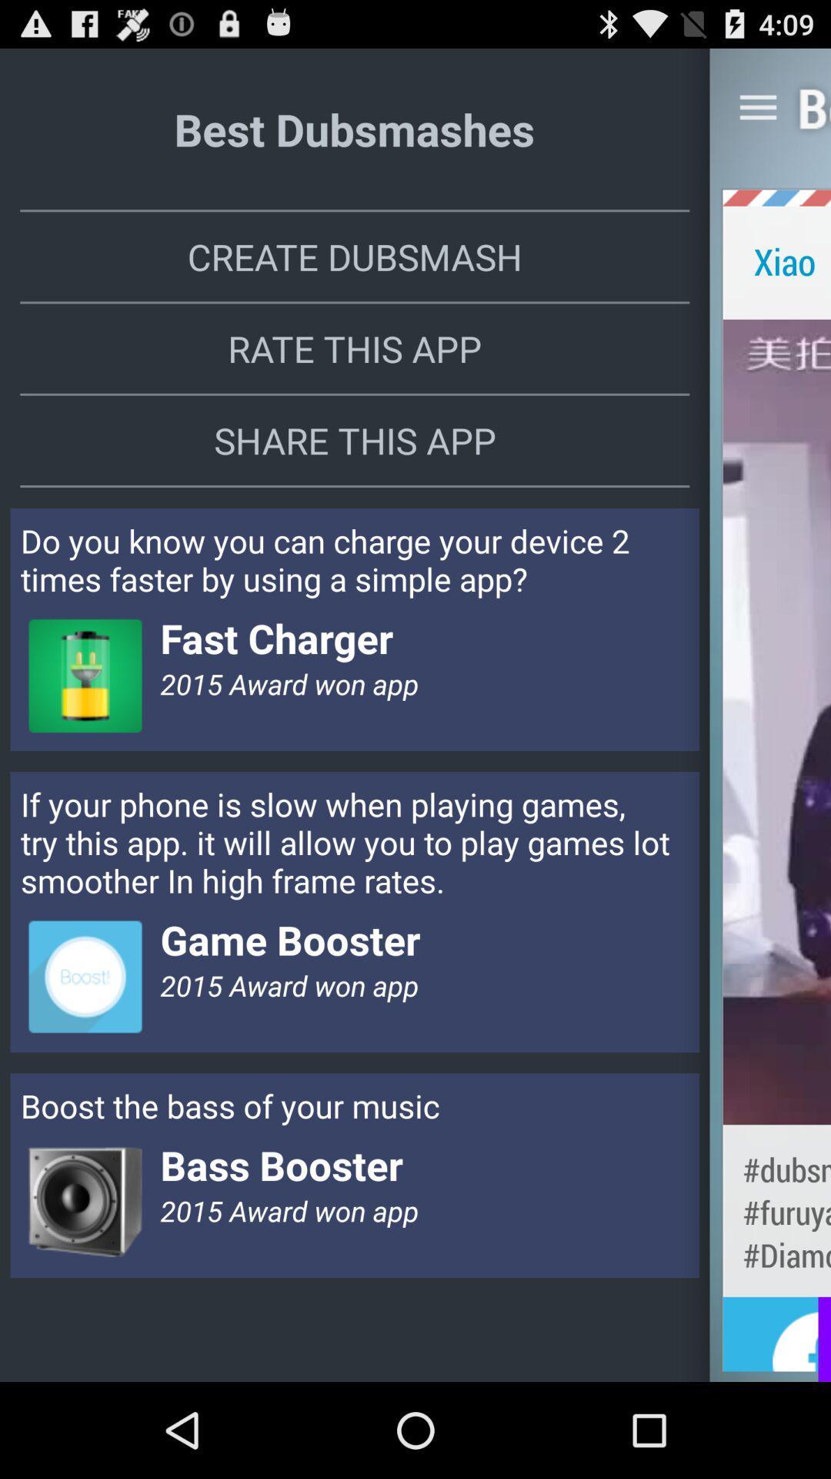 This screenshot has width=831, height=1479. I want to click on item next to the rate this app item, so click(776, 721).